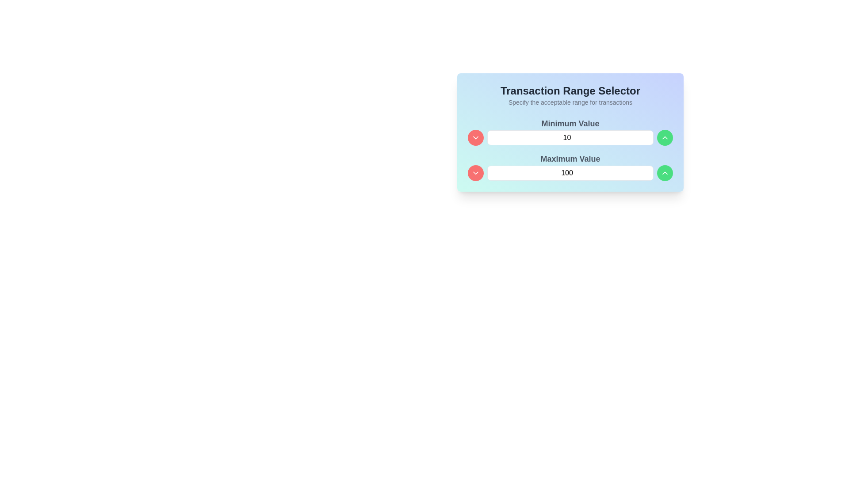 The width and height of the screenshot is (849, 477). I want to click on the Numeric input field for setting the maximum value limit in the Transaction Range Selector to indicate focus, so click(570, 173).